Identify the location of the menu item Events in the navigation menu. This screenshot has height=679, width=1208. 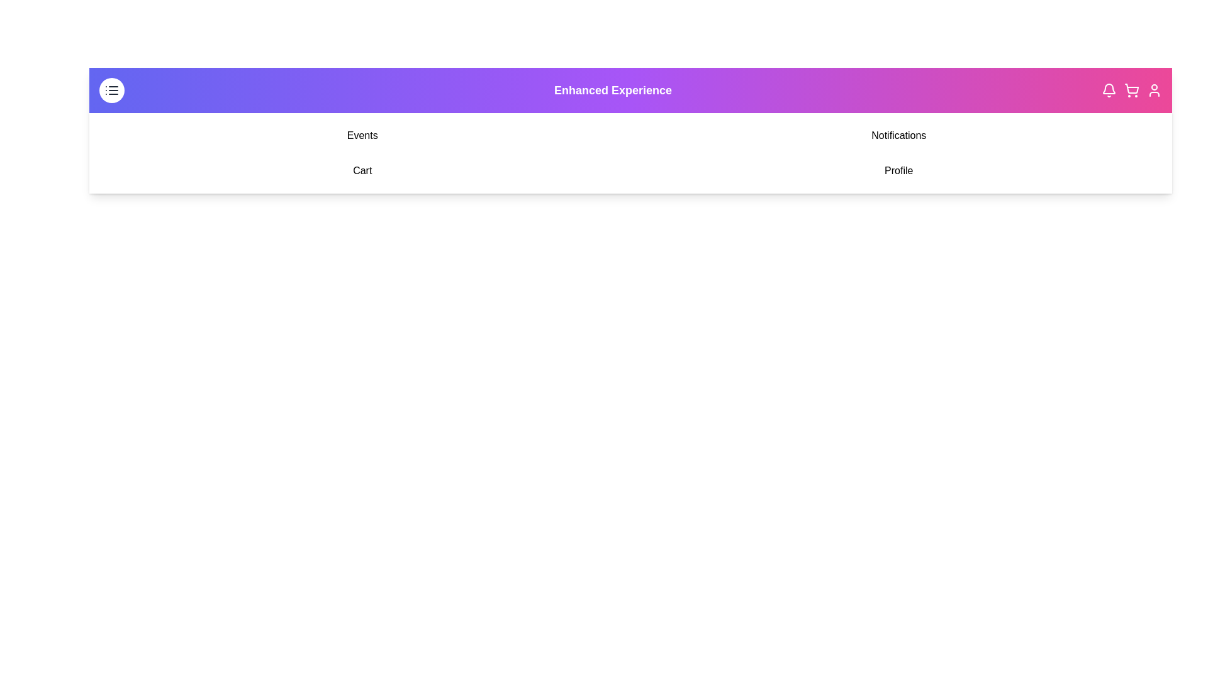
(362, 136).